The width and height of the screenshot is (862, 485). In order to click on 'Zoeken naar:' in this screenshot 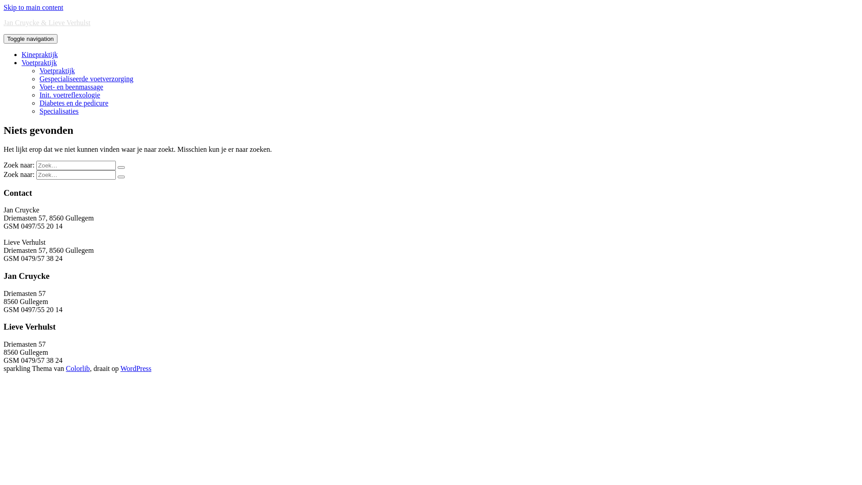, I will do `click(76, 175)`.